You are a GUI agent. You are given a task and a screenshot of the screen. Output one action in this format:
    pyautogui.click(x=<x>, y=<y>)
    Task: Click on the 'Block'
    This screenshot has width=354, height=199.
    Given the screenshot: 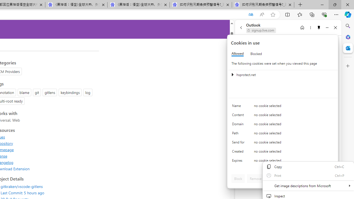 What is the action you would take?
    pyautogui.click(x=238, y=178)
    